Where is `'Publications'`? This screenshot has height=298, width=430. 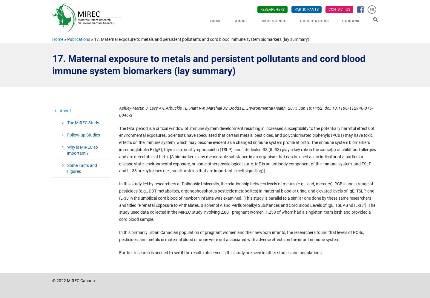
'Publications' is located at coordinates (78, 39).